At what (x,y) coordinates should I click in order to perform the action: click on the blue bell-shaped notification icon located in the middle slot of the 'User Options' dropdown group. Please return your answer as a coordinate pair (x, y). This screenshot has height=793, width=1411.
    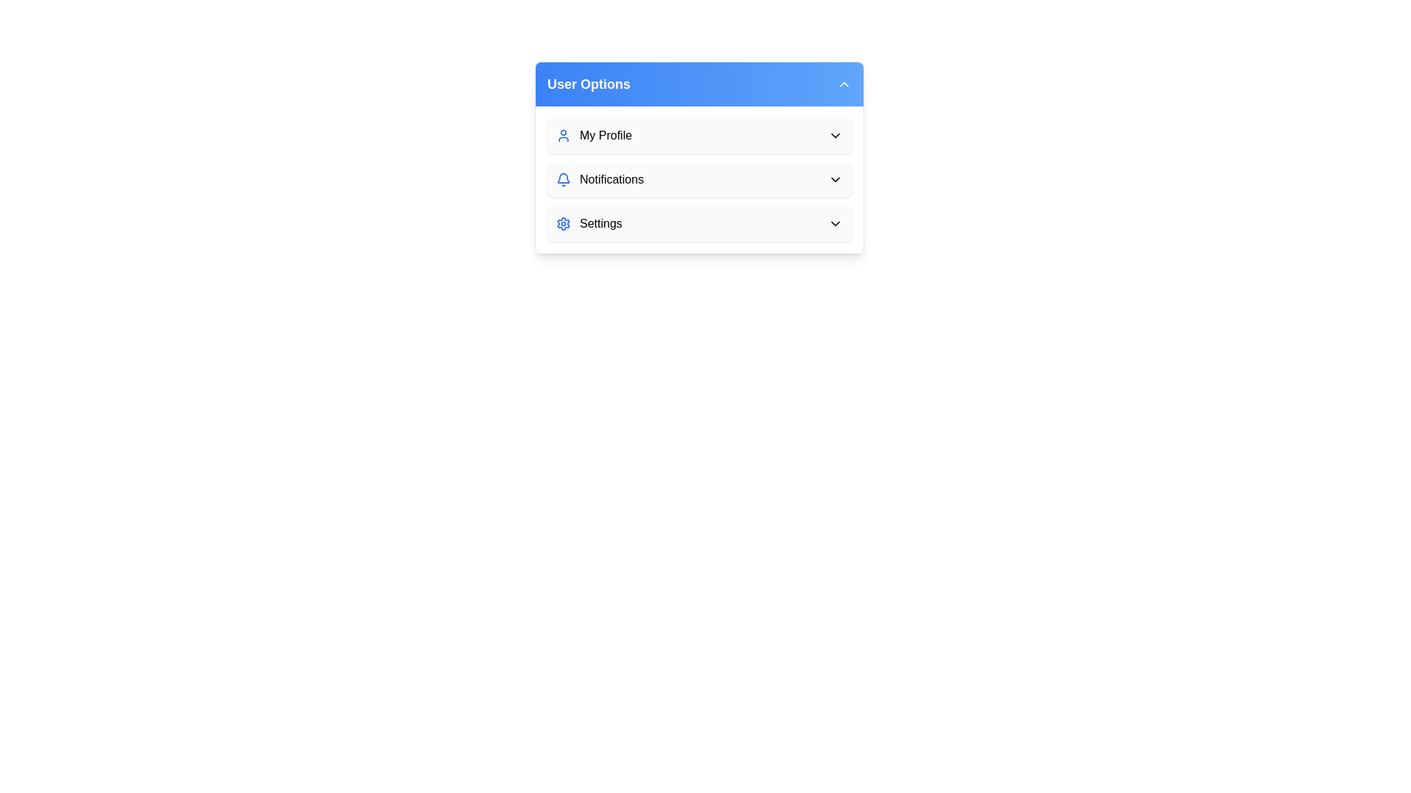
    Looking at the image, I should click on (563, 177).